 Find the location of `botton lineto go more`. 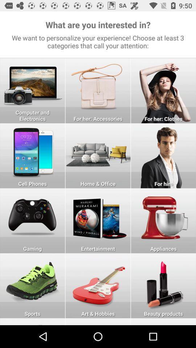

botton lineto go more is located at coordinates (32, 321).